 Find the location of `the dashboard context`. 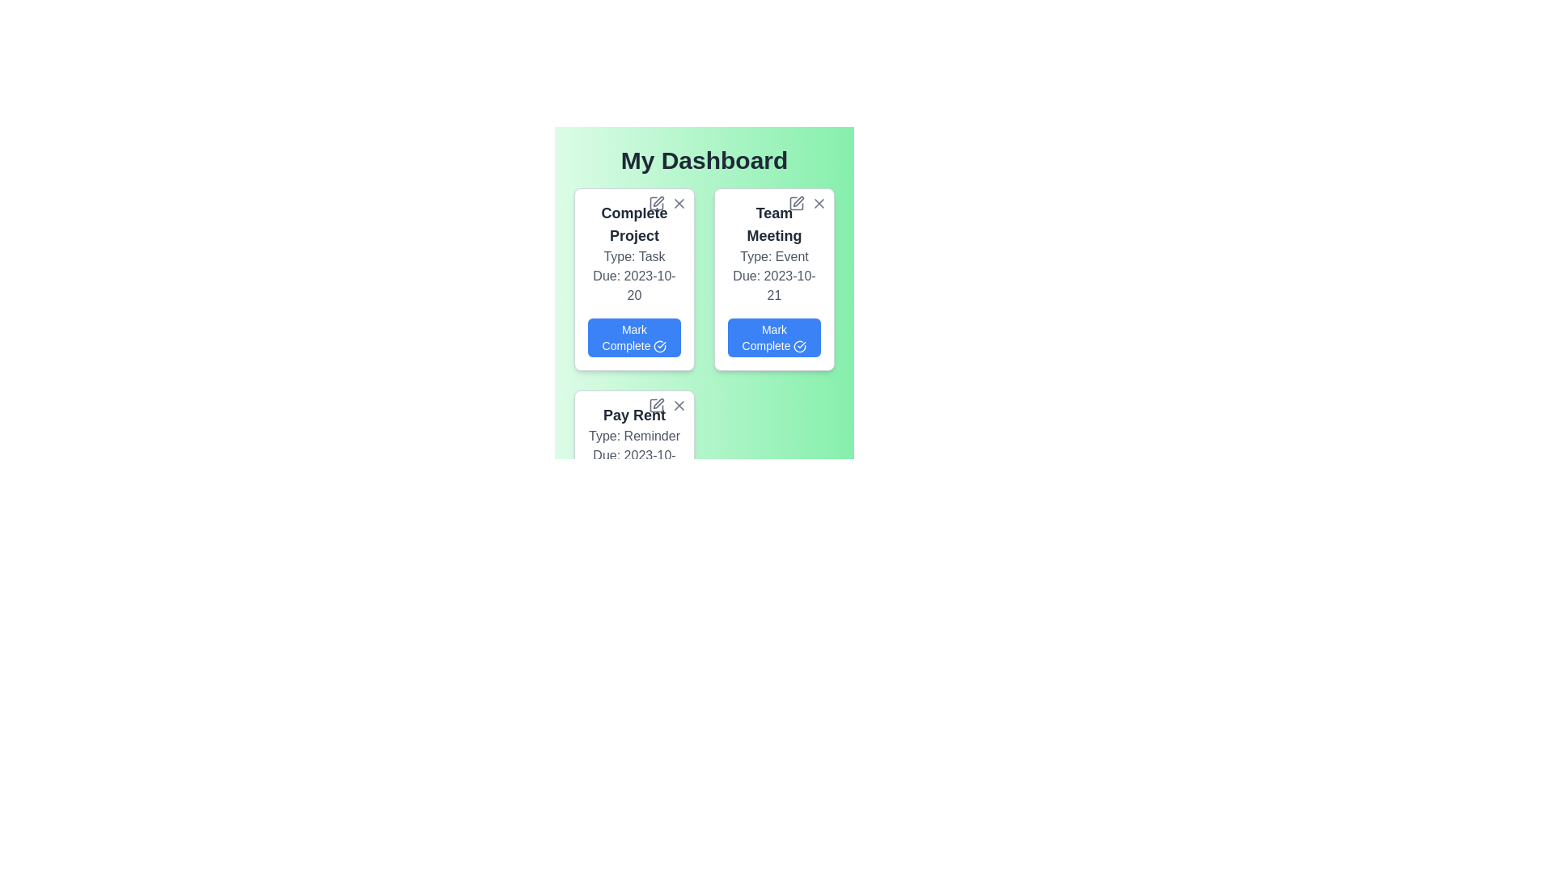

the dashboard context is located at coordinates (704, 161).